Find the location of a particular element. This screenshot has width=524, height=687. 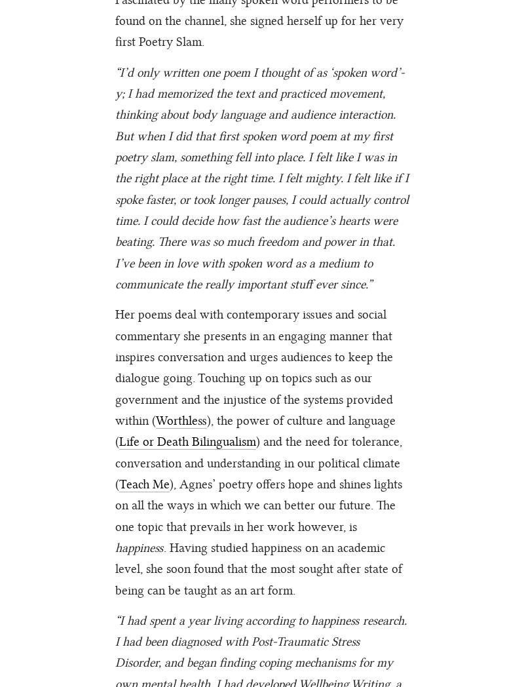

'happiness' is located at coordinates (139, 547).